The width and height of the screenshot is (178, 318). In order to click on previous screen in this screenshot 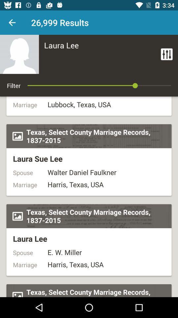, I will do `click(12, 23)`.